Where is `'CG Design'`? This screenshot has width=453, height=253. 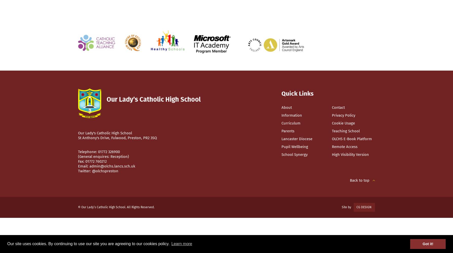
'CG Design' is located at coordinates (364, 207).